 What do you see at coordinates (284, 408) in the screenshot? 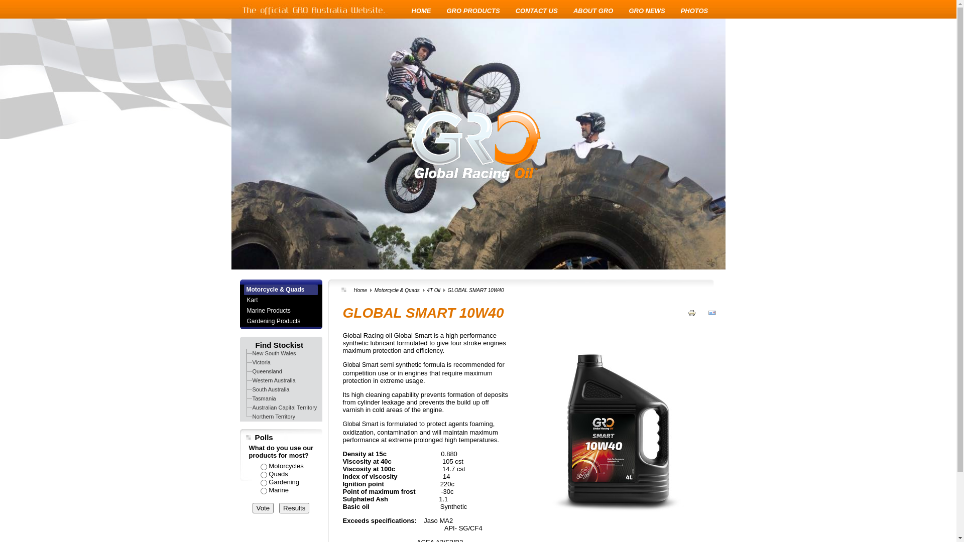
I see `'Australian Capital Territory'` at bounding box center [284, 408].